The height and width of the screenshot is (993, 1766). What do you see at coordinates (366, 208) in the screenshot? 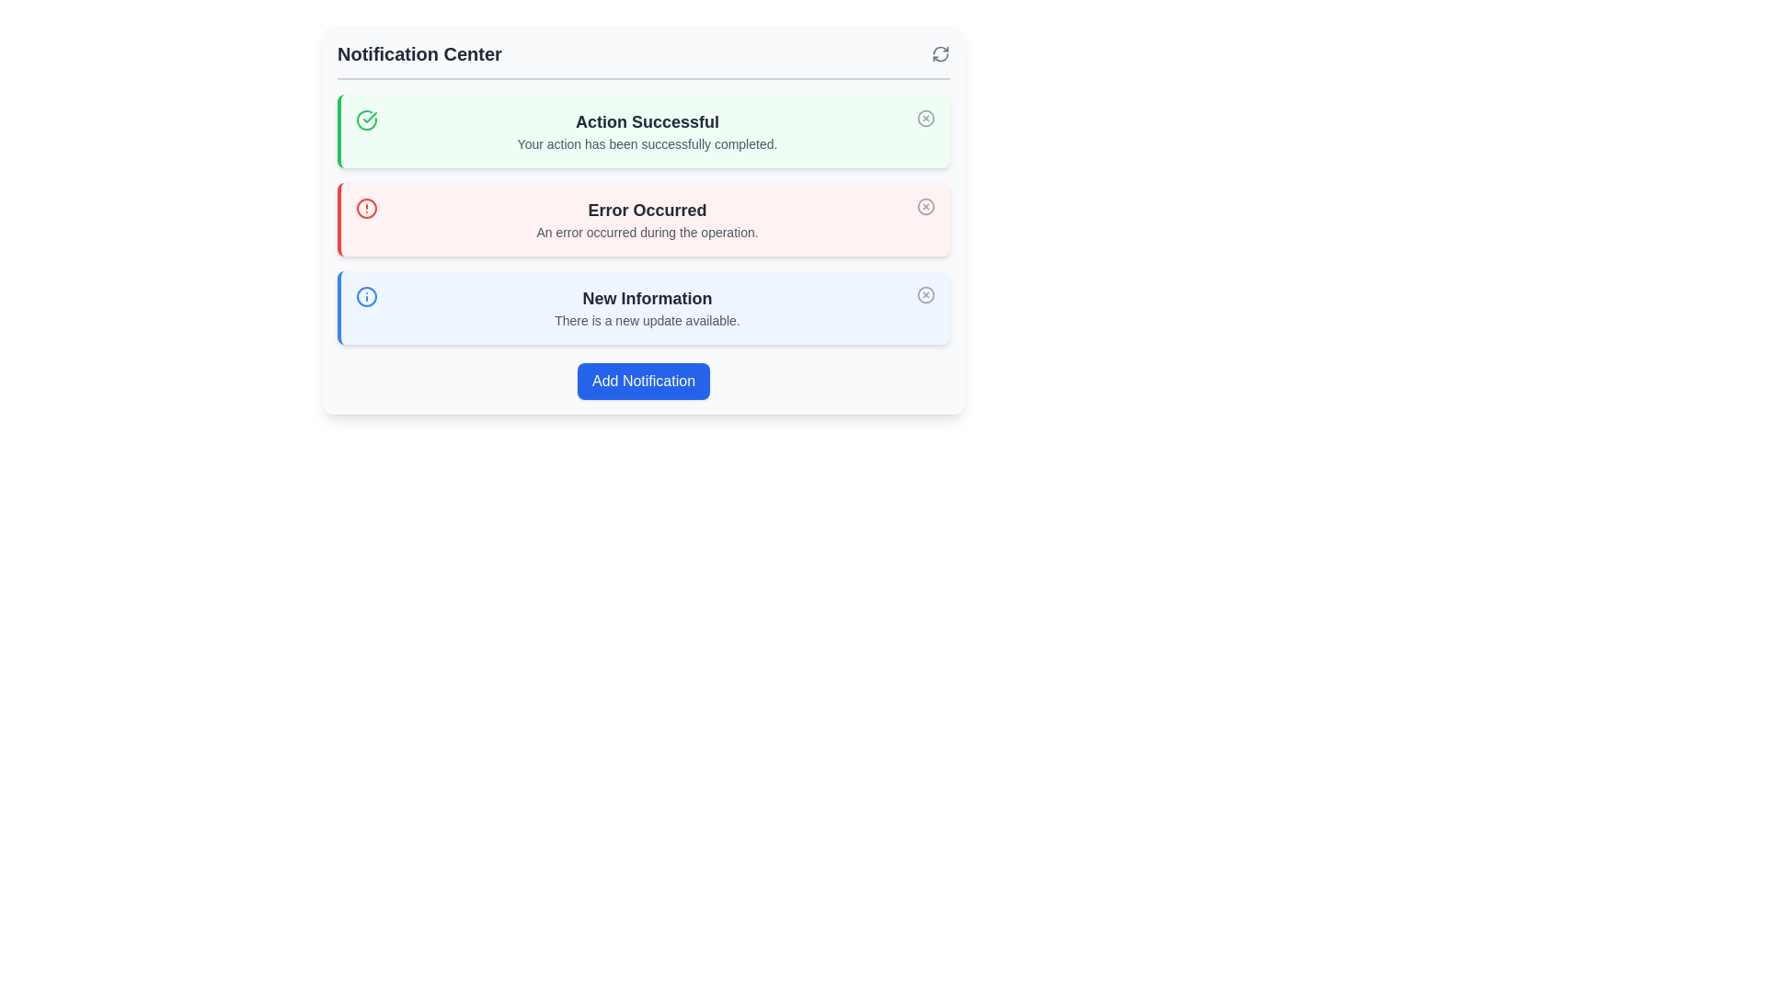
I see `the circular icon with a red border and alert symbol located to the left of the 'Error Occurred' notification bar` at bounding box center [366, 208].